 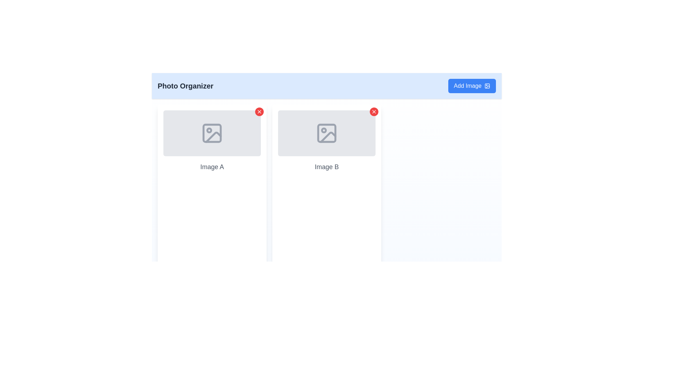 I want to click on the gray rectangular placeholder with rounded corners that contains a picture icon, located within the card labeled 'Image B', so click(x=326, y=133).